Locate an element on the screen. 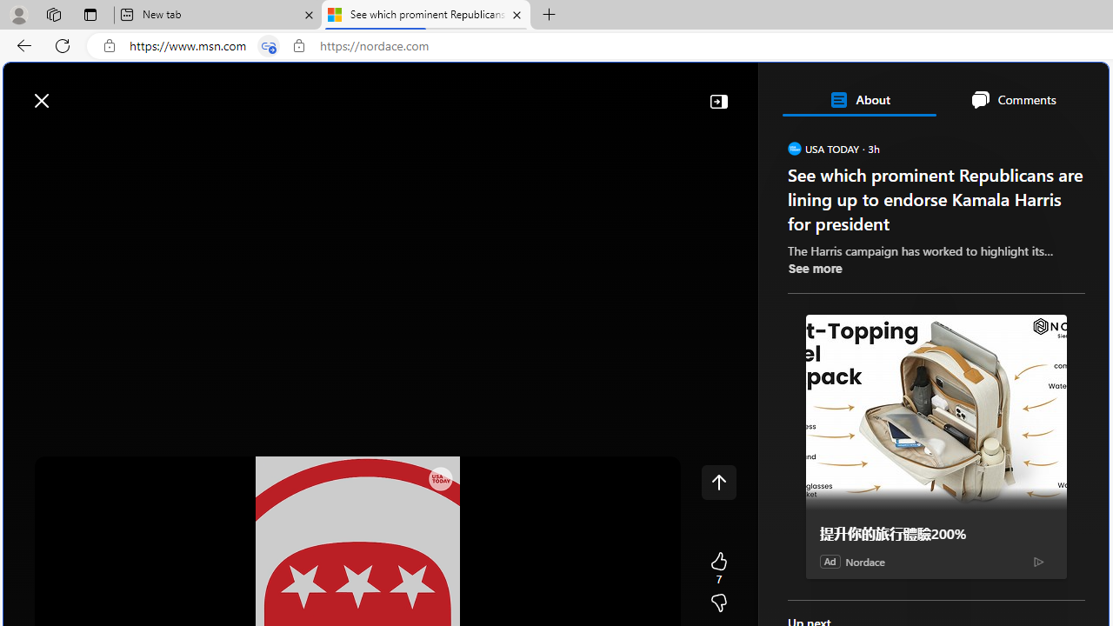 The height and width of the screenshot is (626, 1113). '7 Like' is located at coordinates (718, 569).